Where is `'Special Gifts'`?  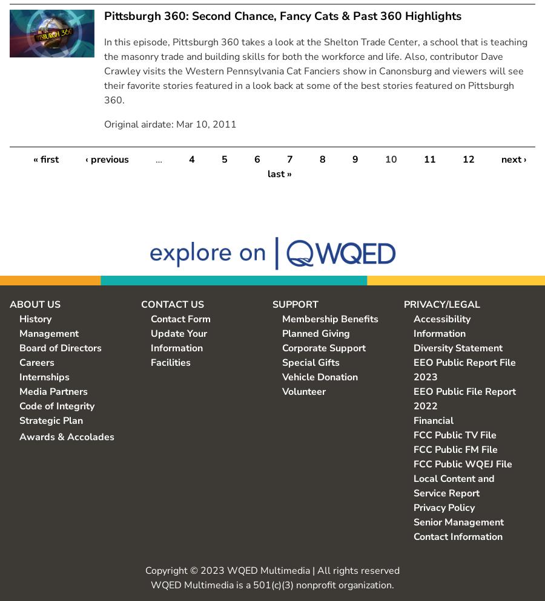 'Special Gifts' is located at coordinates (310, 362).